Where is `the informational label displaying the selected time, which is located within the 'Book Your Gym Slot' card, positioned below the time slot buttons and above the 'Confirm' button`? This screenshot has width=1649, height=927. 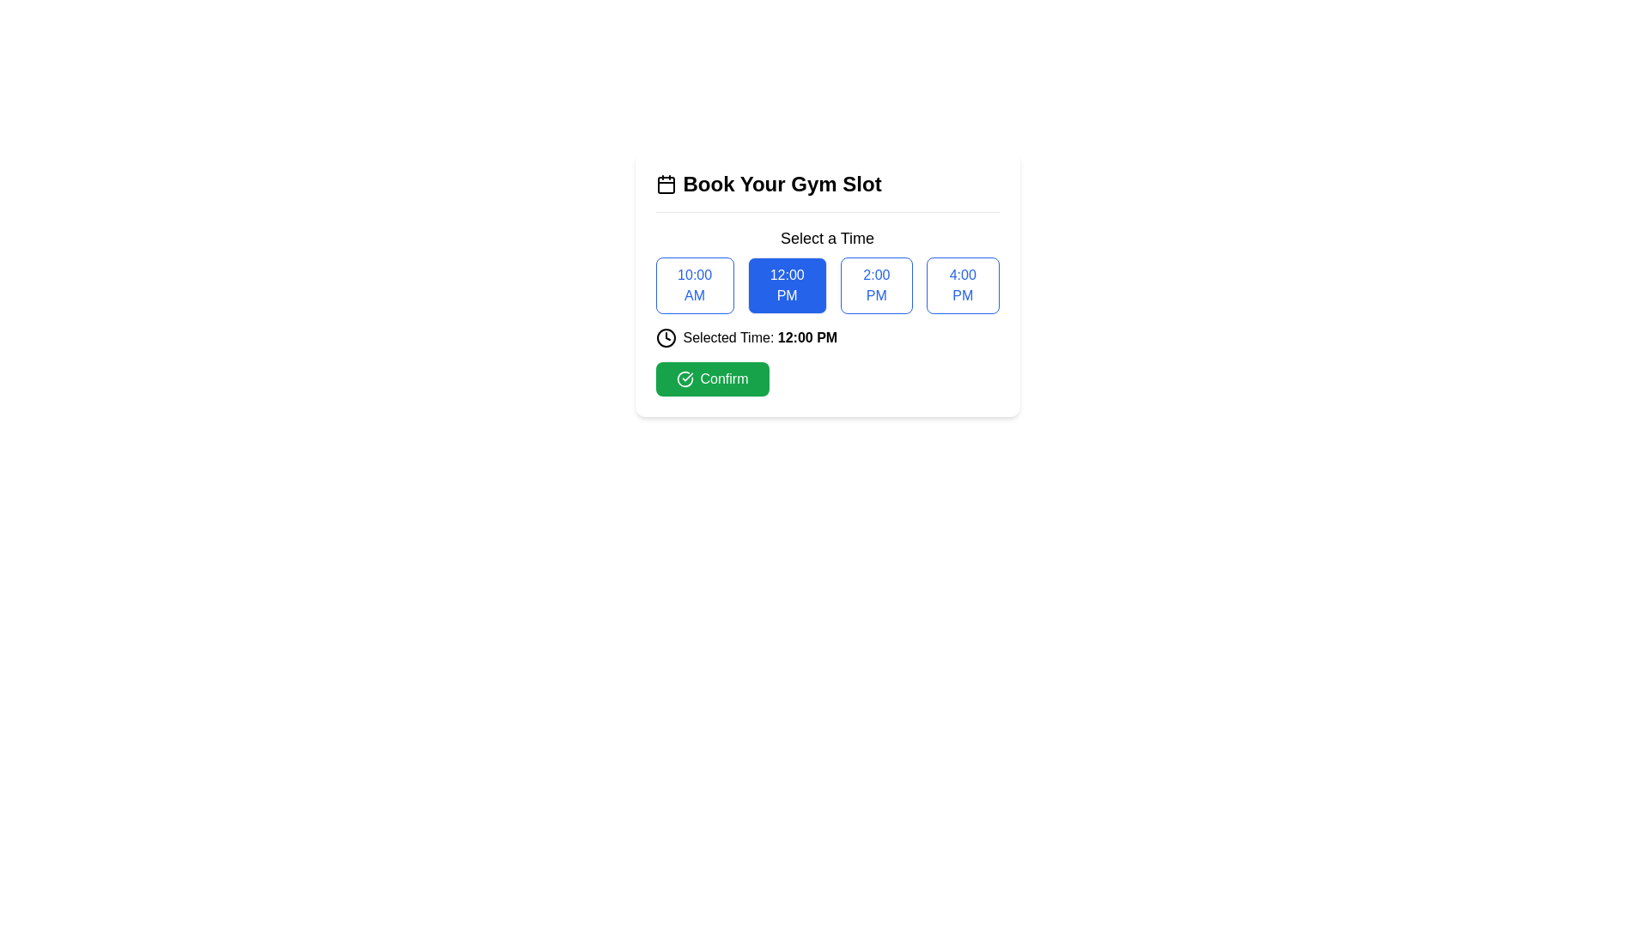 the informational label displaying the selected time, which is located within the 'Book Your Gym Slot' card, positioned below the time slot buttons and above the 'Confirm' button is located at coordinates (827, 337).